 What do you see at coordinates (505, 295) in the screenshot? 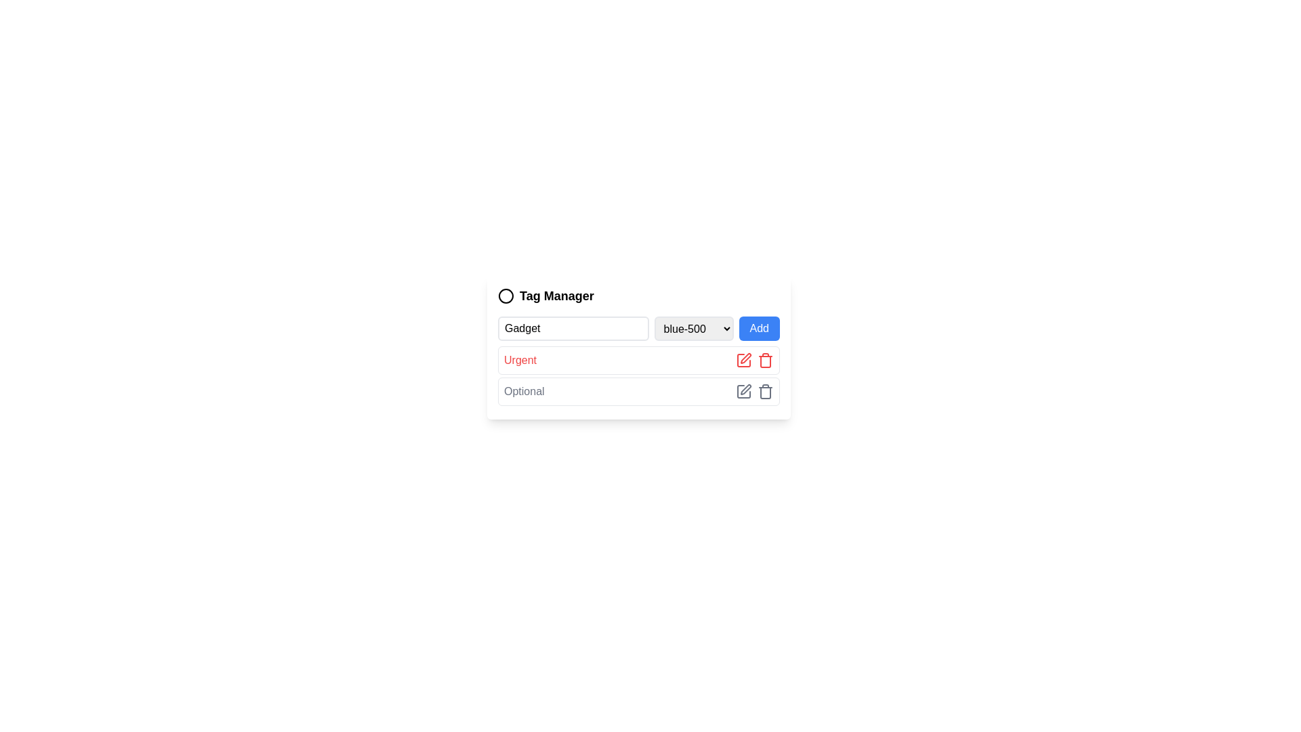
I see `the circular SVG graphical element located on the left-hand side of the 'Tag Manager' title in the user interface` at bounding box center [505, 295].